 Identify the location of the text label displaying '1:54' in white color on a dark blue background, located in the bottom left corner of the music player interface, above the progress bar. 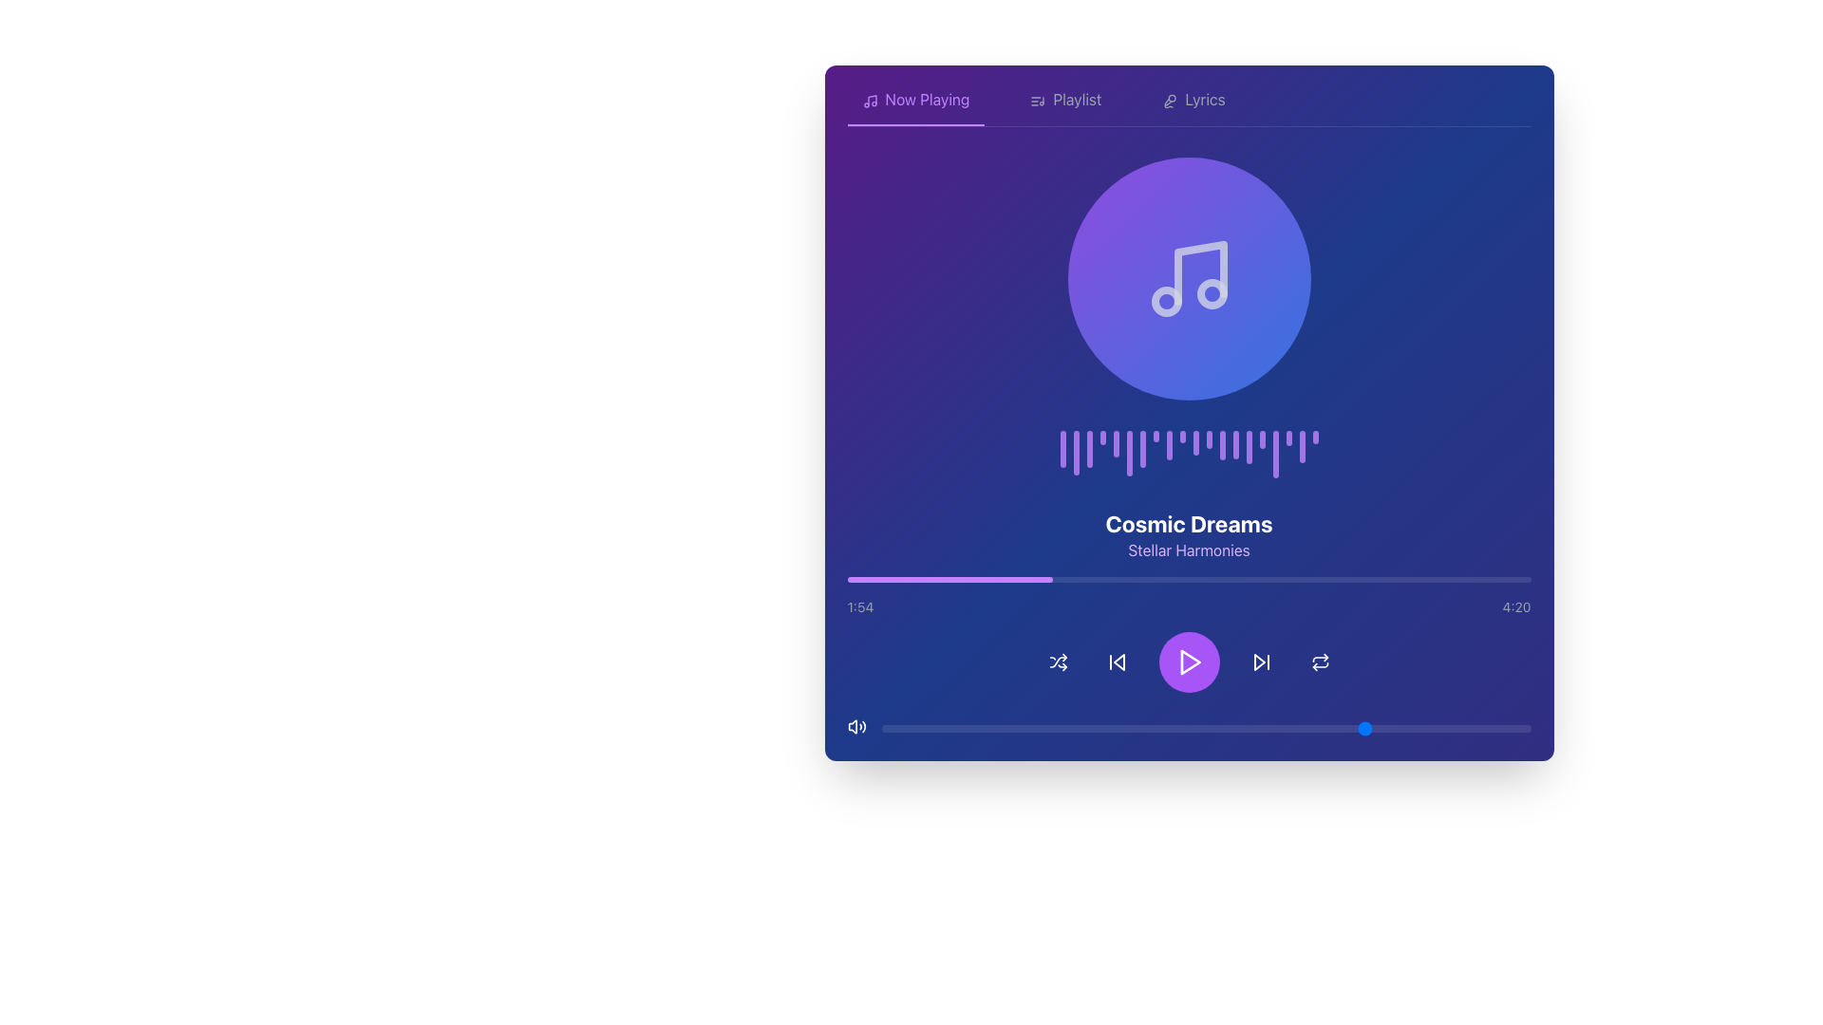
(859, 607).